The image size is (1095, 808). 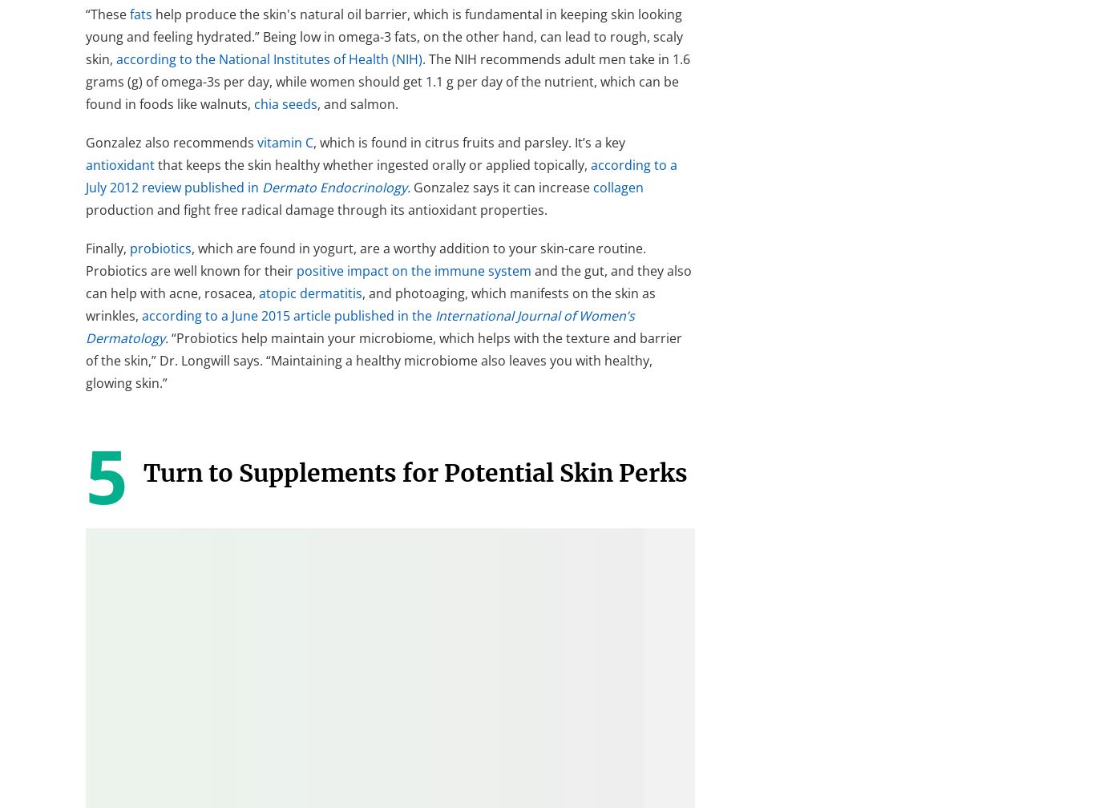 I want to click on 'Finally,', so click(x=85, y=247).